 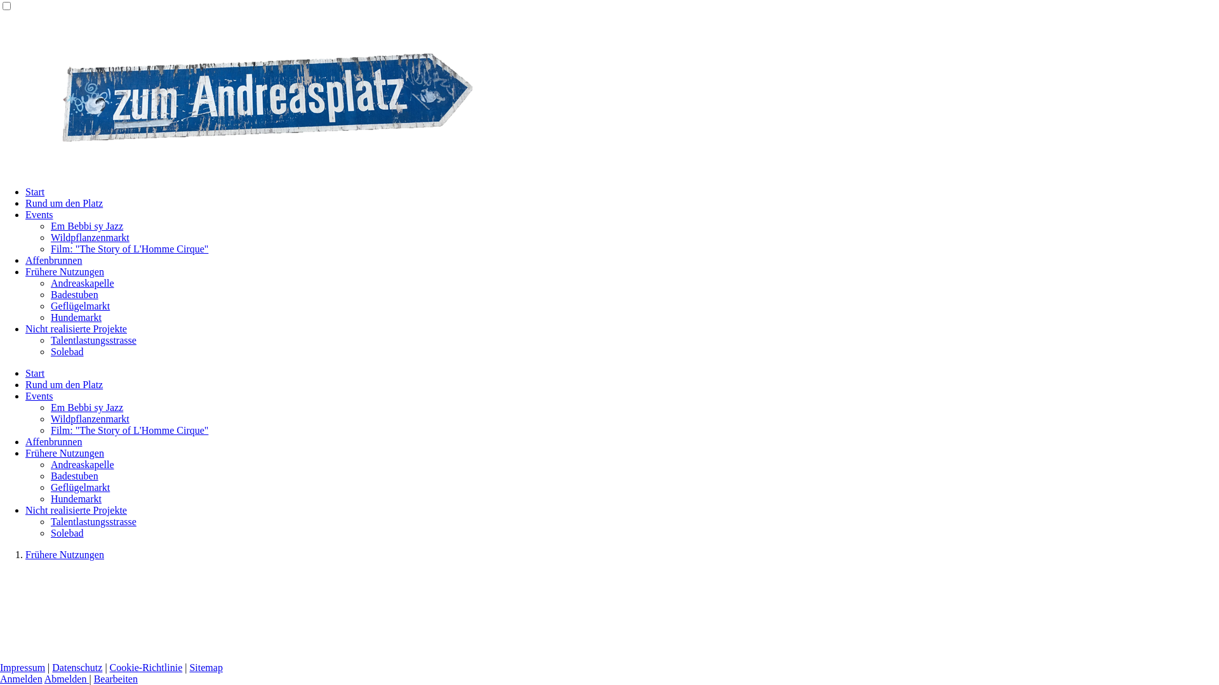 I want to click on 'Datenschutz', so click(x=76, y=667).